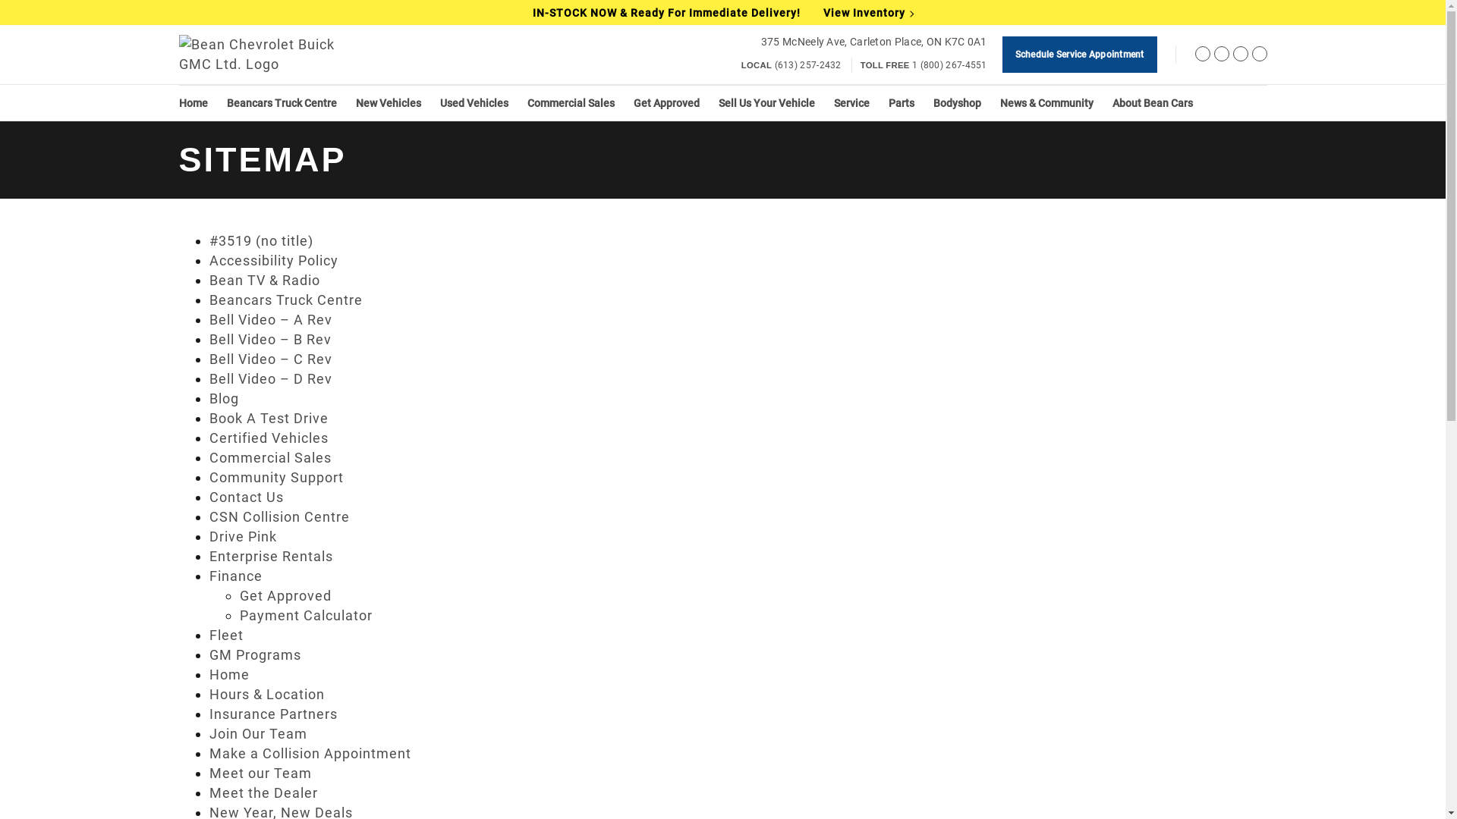  What do you see at coordinates (569, 102) in the screenshot?
I see `'Commercial Sales'` at bounding box center [569, 102].